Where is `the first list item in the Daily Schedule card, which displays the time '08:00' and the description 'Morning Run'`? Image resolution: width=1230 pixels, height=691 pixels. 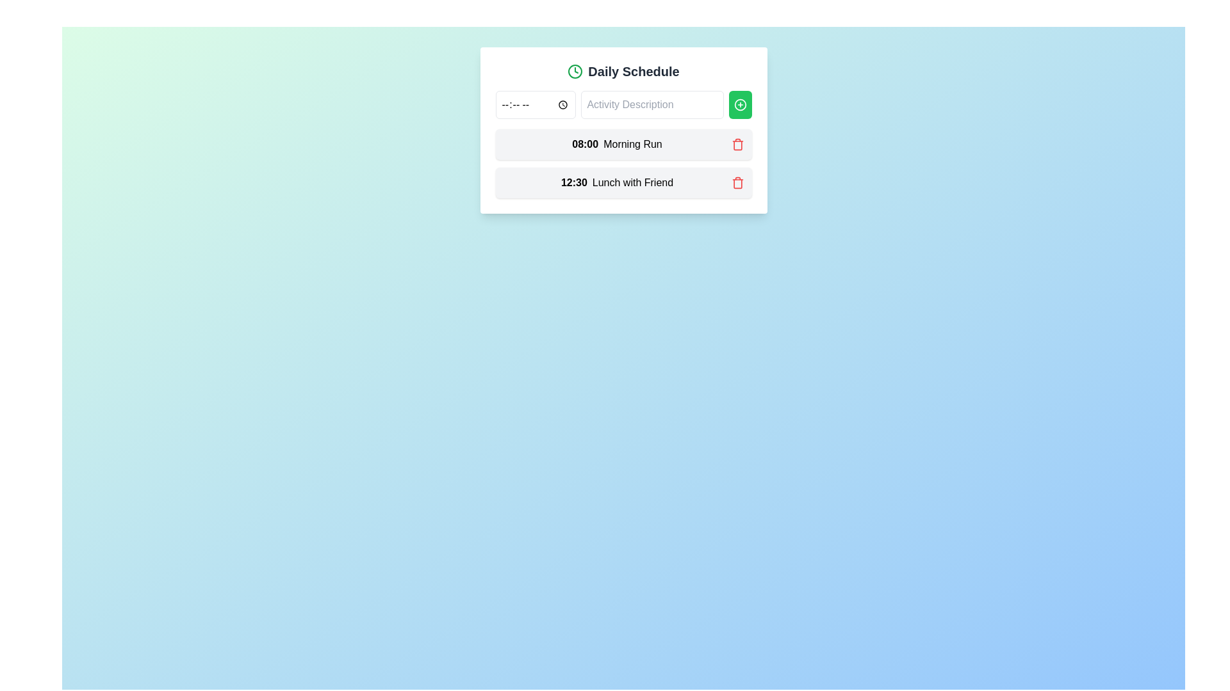 the first list item in the Daily Schedule card, which displays the time '08:00' and the description 'Morning Run' is located at coordinates (623, 144).